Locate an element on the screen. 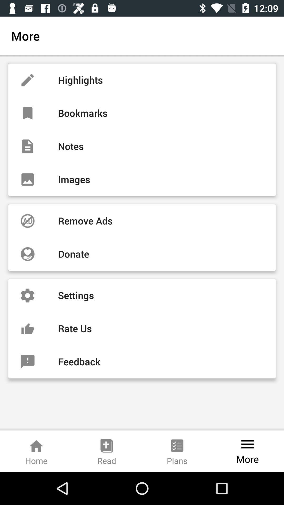  the item below the settings icon is located at coordinates (142, 328).